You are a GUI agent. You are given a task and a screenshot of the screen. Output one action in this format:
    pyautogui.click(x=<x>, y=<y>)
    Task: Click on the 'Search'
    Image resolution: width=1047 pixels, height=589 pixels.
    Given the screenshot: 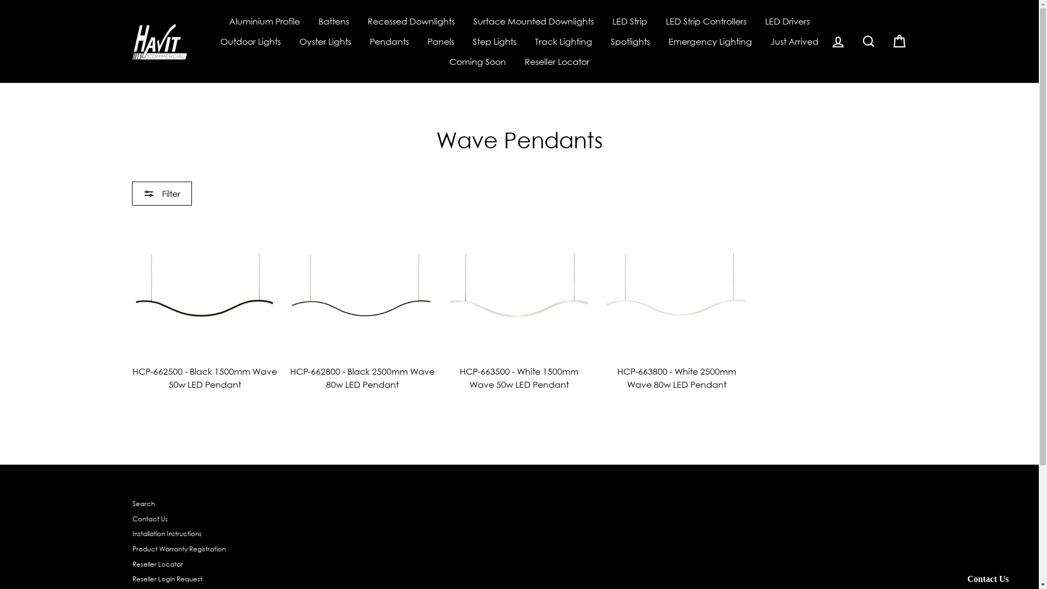 What is the action you would take?
    pyautogui.click(x=142, y=504)
    